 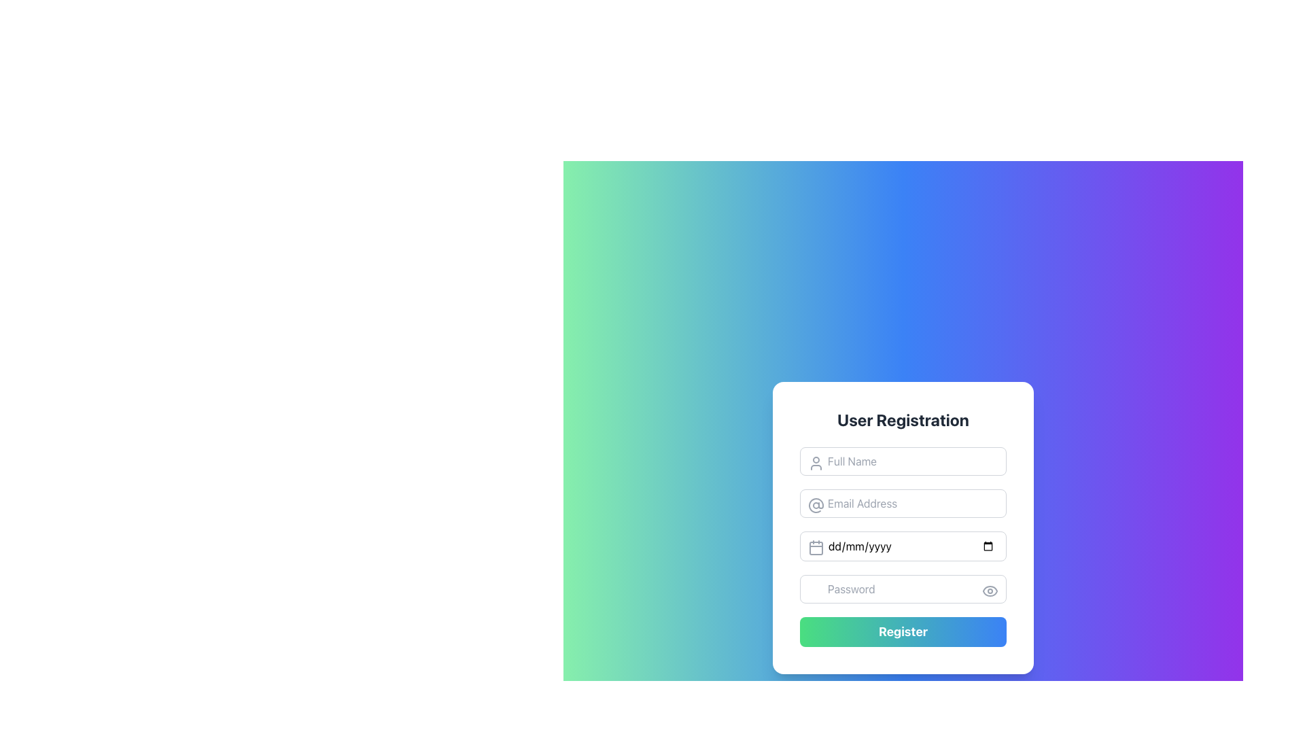 I want to click on the email address input field icon located to the left of the email input field in the form, so click(x=816, y=506).